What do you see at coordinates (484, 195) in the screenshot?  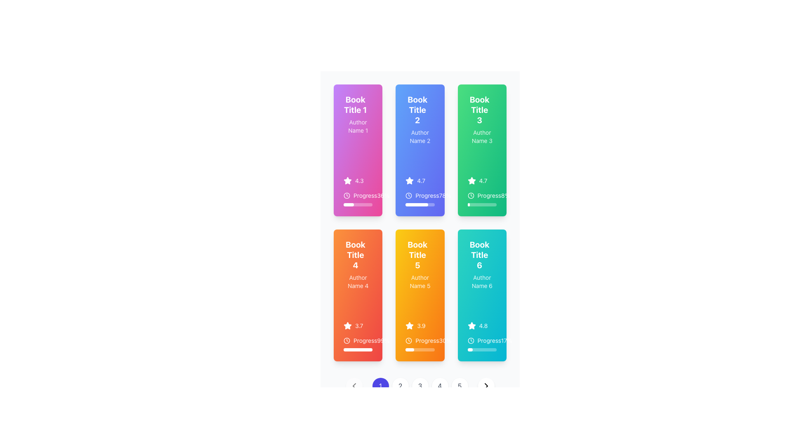 I see `the 'Progress' text label, which is styled in a sans-serif font and located within the card for 'Book Title 3', positioned below the star rating and above the progress bar` at bounding box center [484, 195].